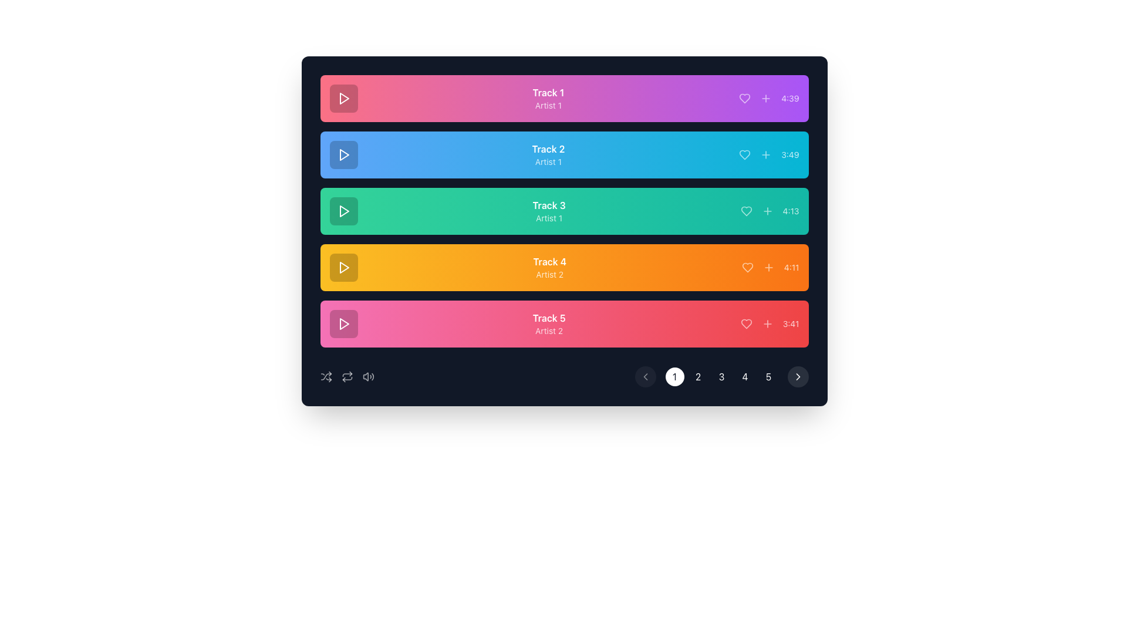 This screenshot has height=634, width=1127. Describe the element at coordinates (745, 323) in the screenshot. I see `the heart icon button in the fifth row of the music track list` at that location.